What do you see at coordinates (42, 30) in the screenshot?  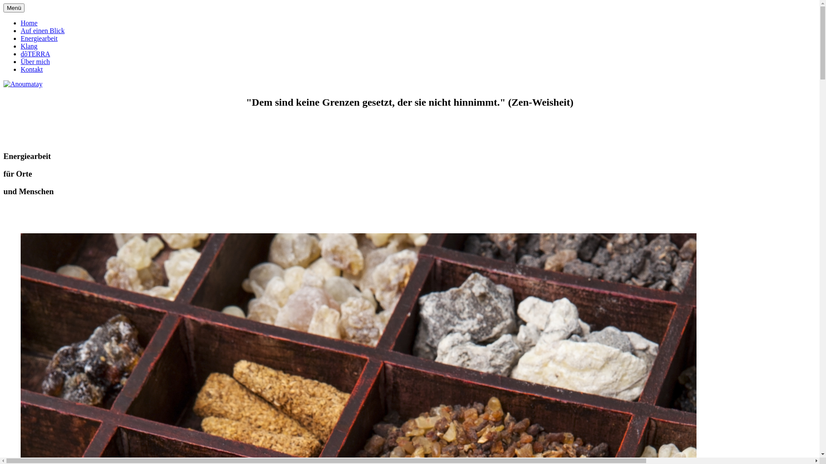 I see `'Auf einen Blick'` at bounding box center [42, 30].